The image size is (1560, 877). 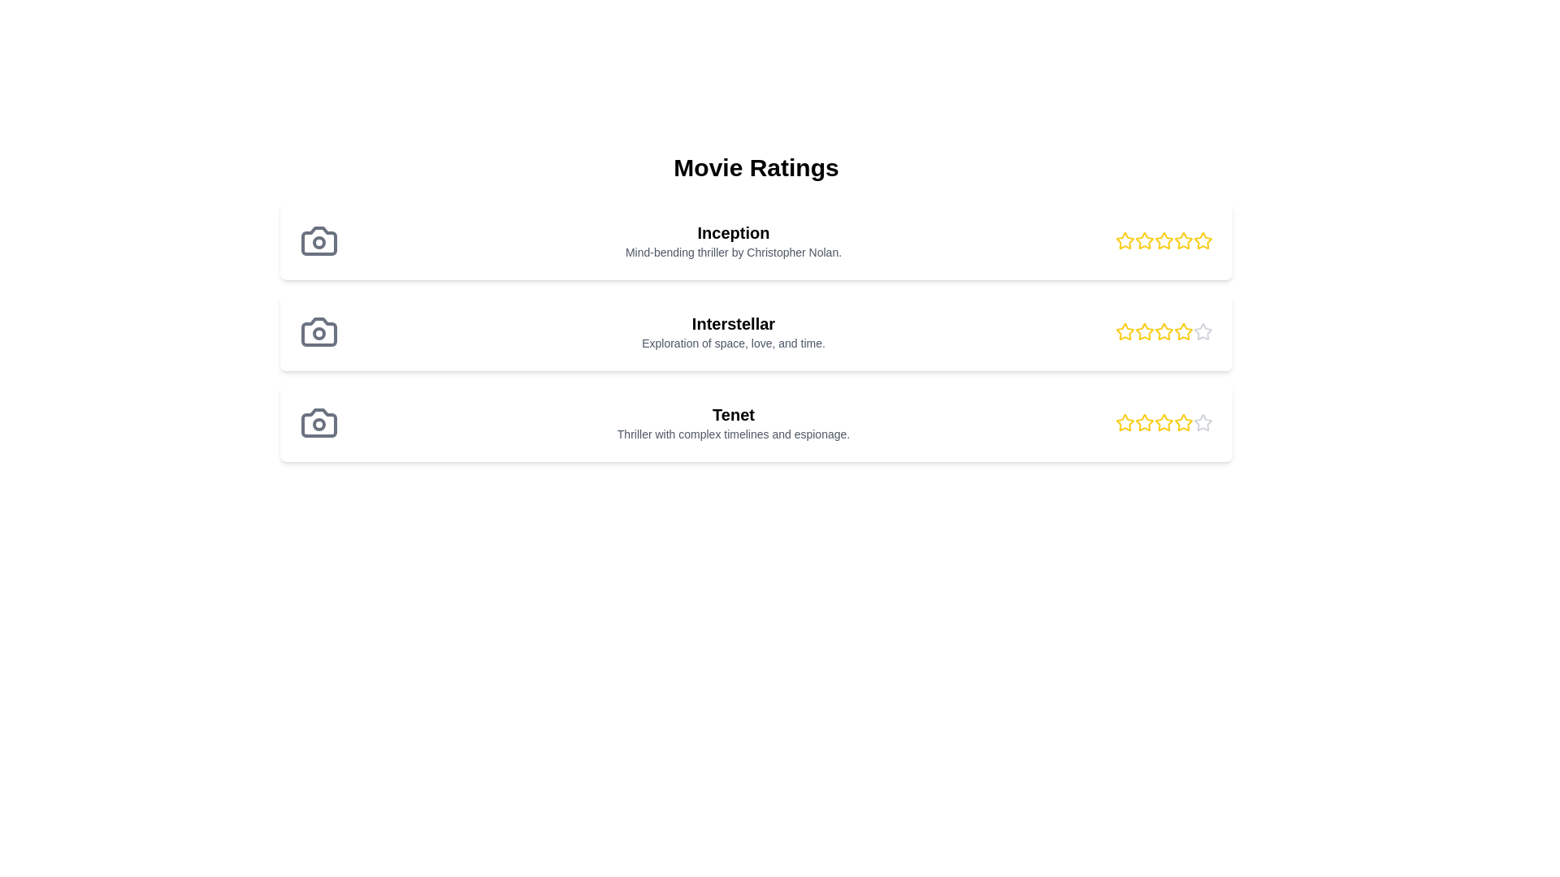 What do you see at coordinates (756, 168) in the screenshot?
I see `the text label displaying 'Movie Ratings' at the top of the movie descriptions section` at bounding box center [756, 168].